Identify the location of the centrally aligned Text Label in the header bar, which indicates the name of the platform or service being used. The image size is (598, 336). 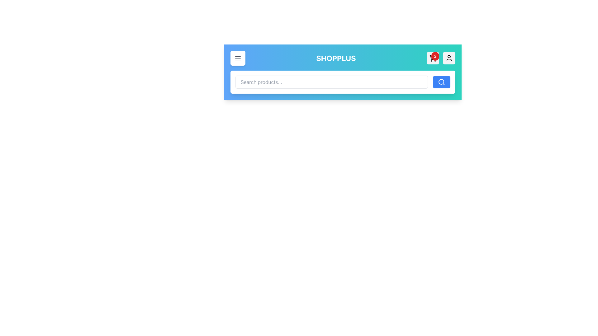
(342, 58).